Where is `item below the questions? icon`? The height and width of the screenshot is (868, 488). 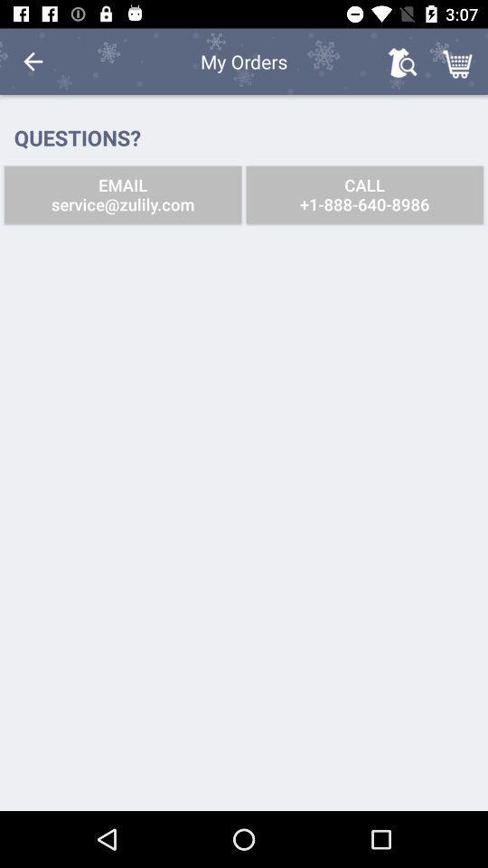 item below the questions? icon is located at coordinates (122, 194).